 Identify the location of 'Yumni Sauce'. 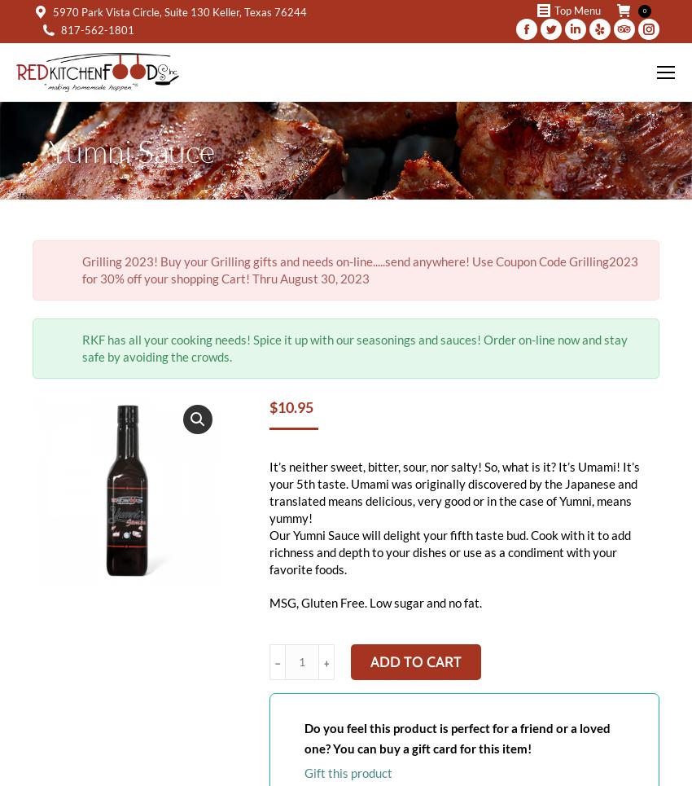
(132, 149).